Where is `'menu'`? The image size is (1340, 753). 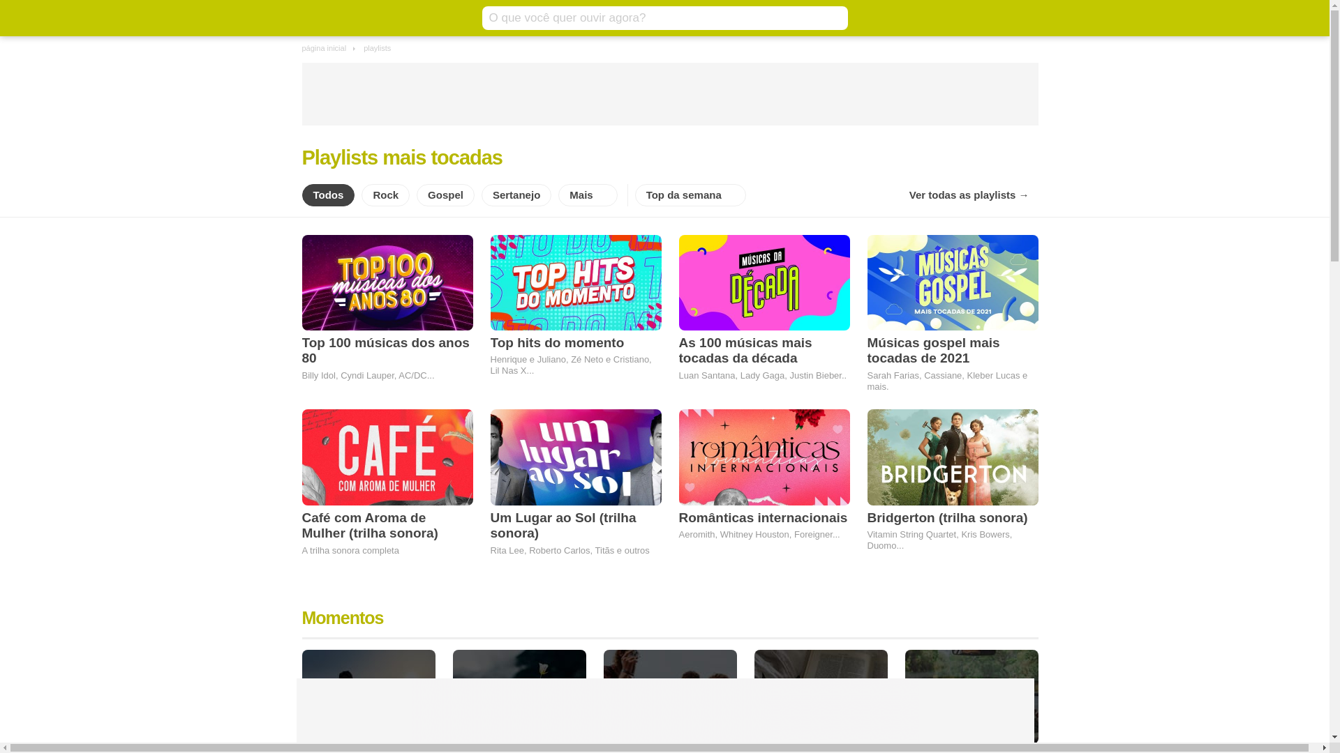 'menu' is located at coordinates (311, 18).